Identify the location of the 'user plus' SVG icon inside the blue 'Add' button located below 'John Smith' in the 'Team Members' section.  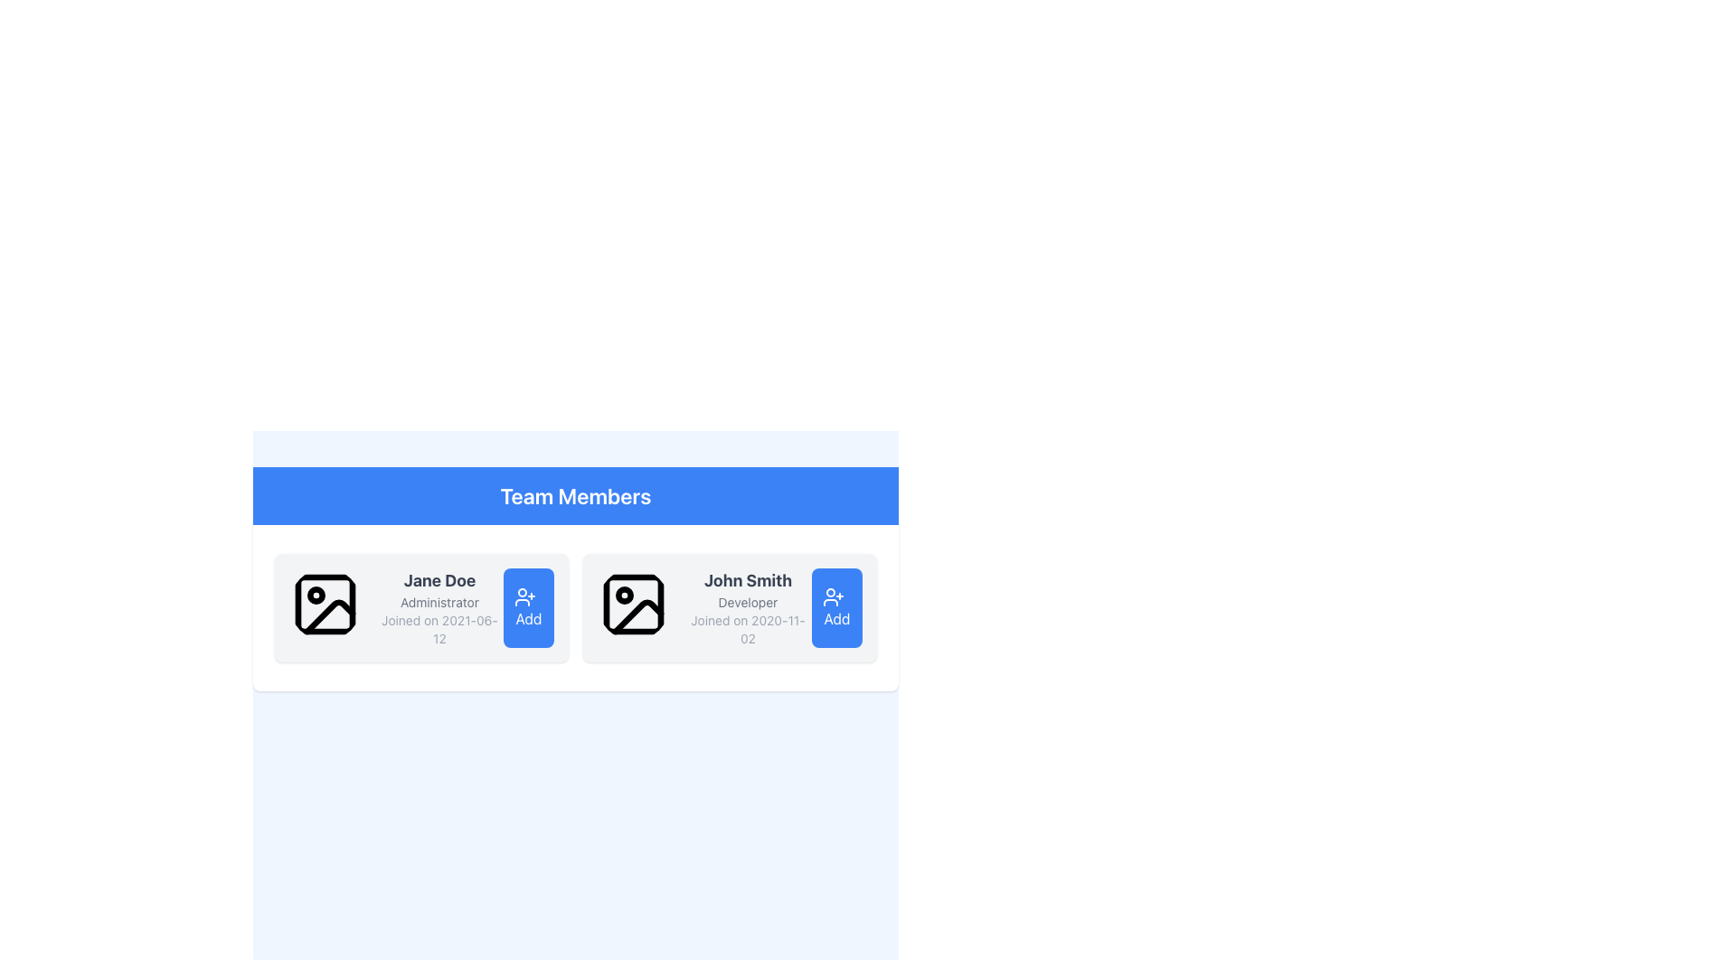
(832, 596).